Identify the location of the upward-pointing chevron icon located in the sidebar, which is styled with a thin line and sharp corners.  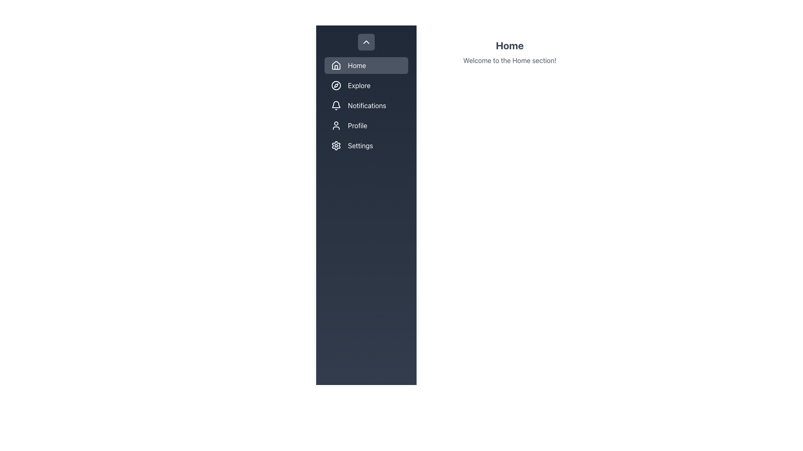
(366, 42).